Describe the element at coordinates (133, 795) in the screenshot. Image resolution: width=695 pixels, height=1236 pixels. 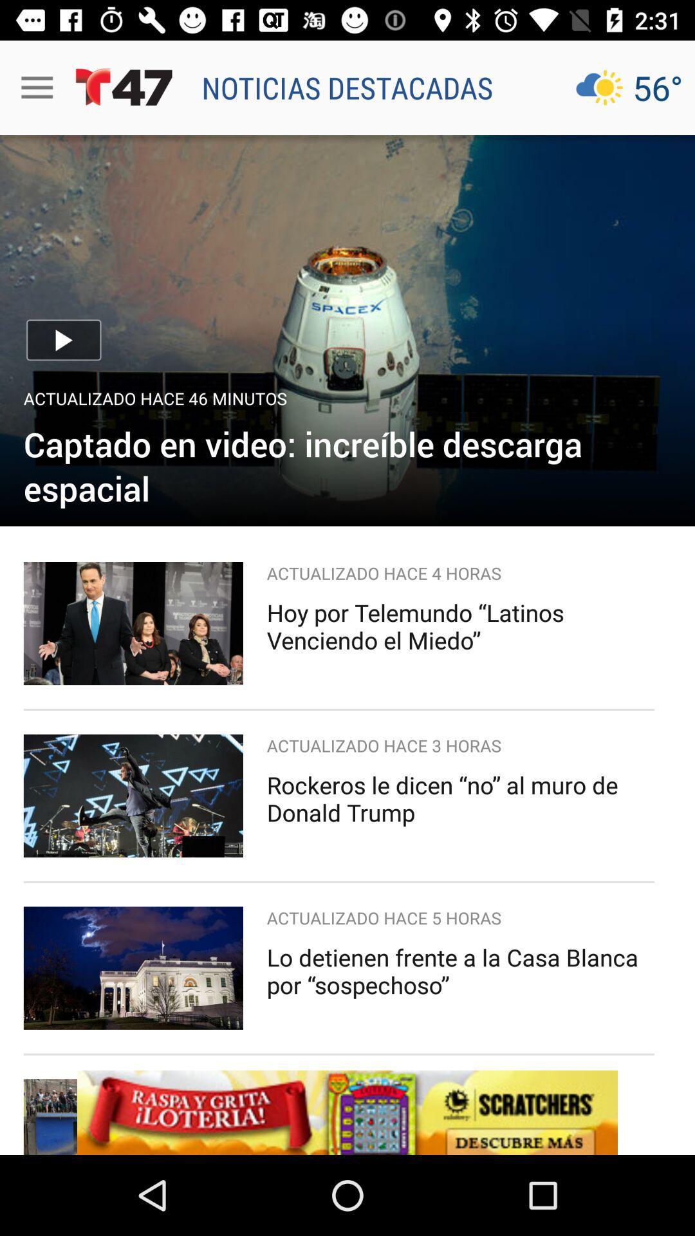
I see `the second image under video` at that location.